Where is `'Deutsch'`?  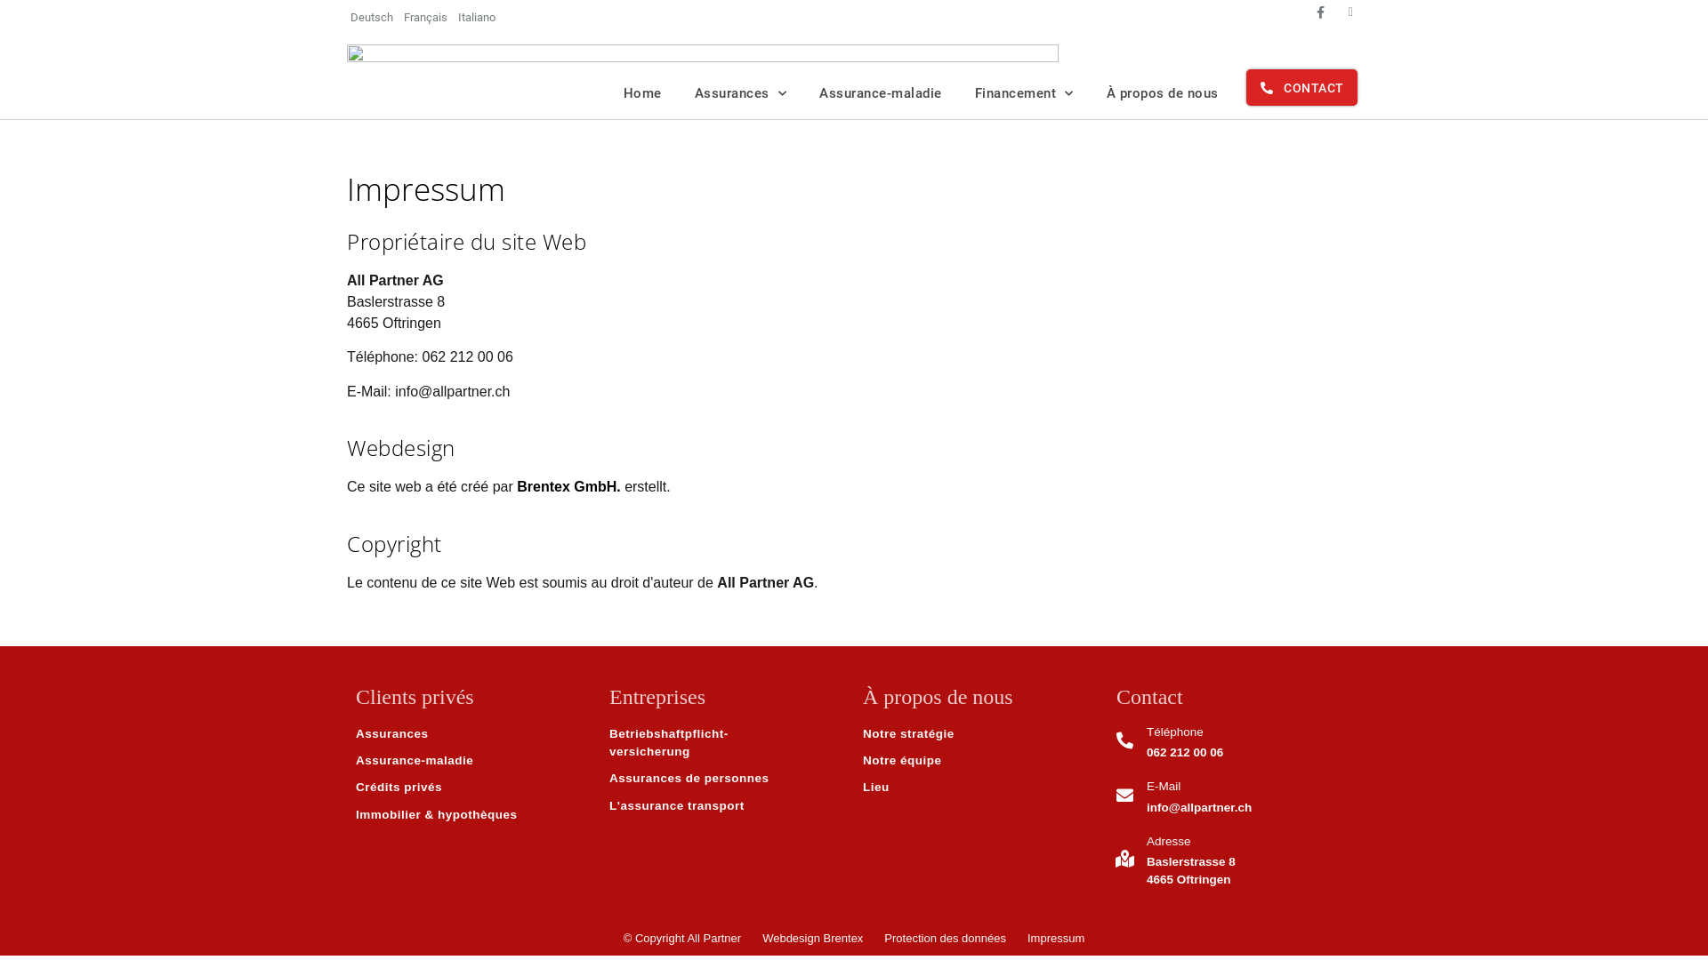
'Deutsch' is located at coordinates (370, 17).